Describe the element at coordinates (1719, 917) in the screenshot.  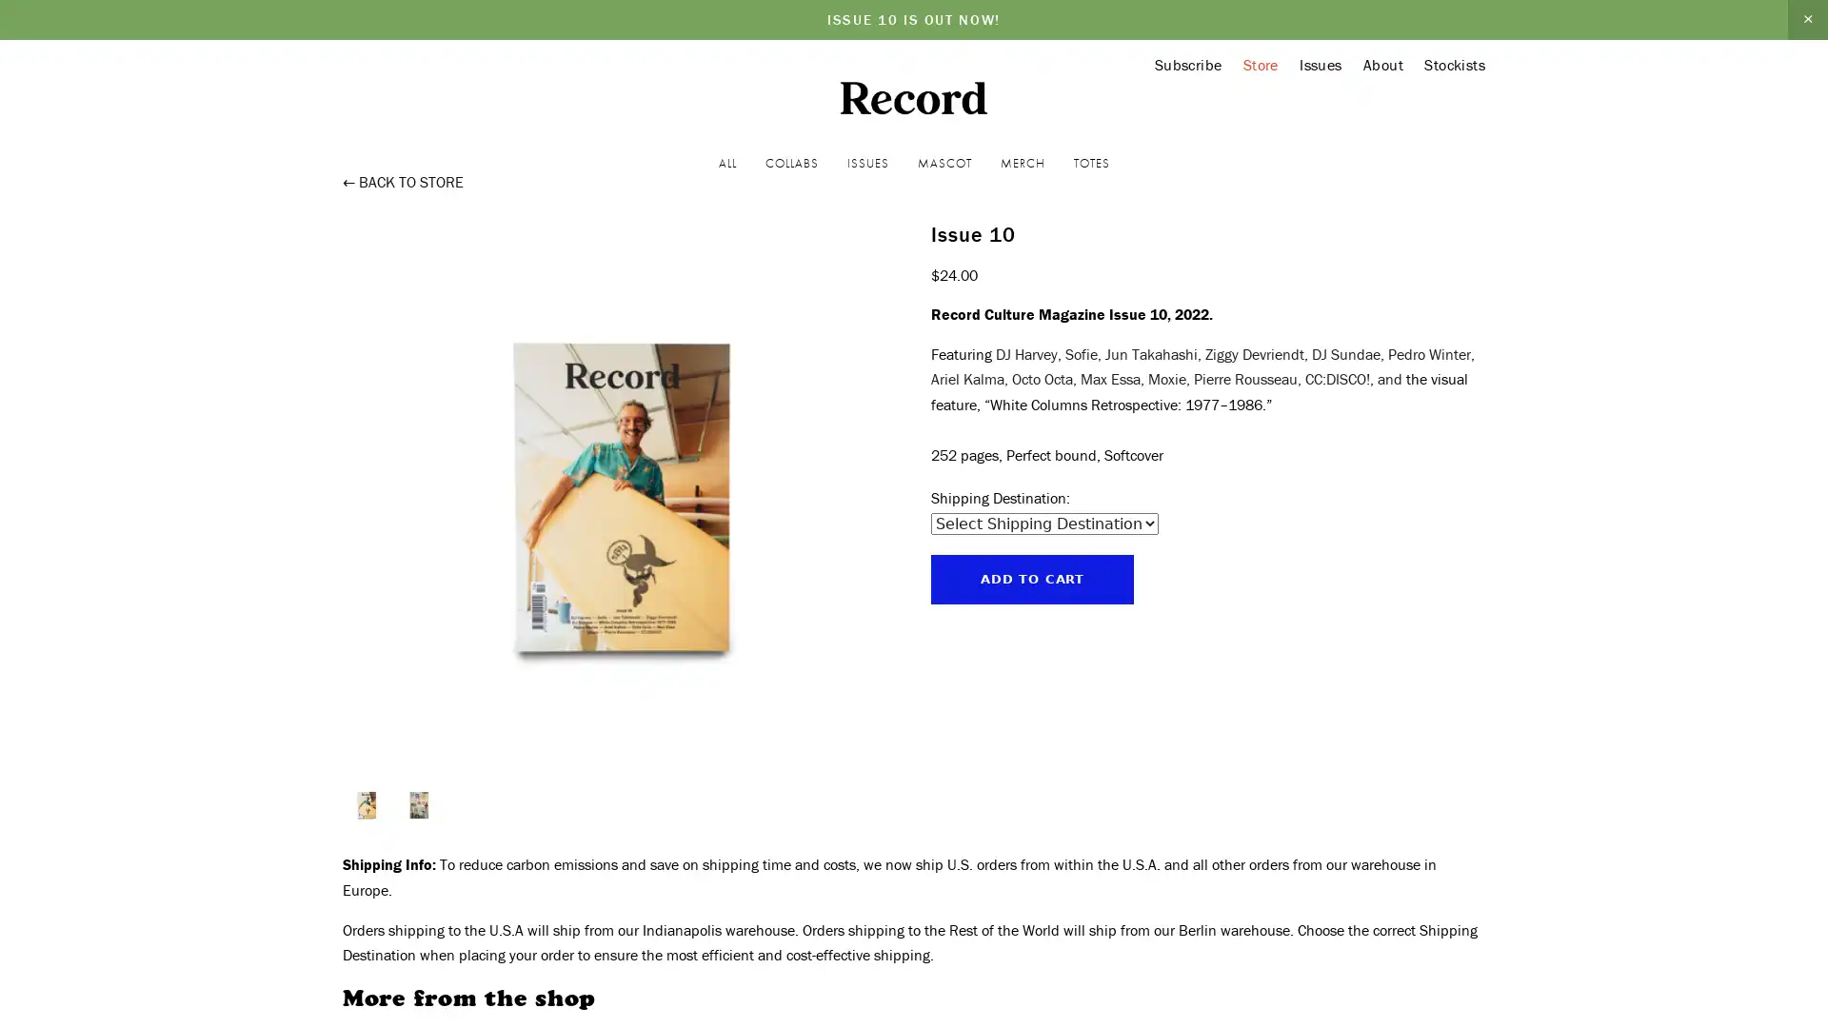
I see `Sign Up` at that location.